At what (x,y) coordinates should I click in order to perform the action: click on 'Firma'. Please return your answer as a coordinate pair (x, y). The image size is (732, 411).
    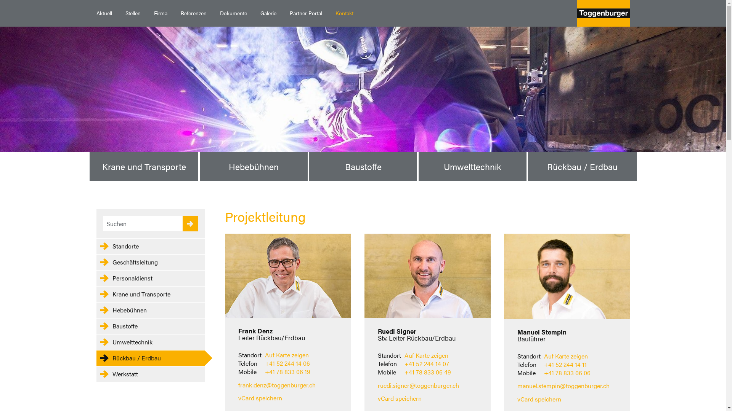
    Looking at the image, I should click on (147, 13).